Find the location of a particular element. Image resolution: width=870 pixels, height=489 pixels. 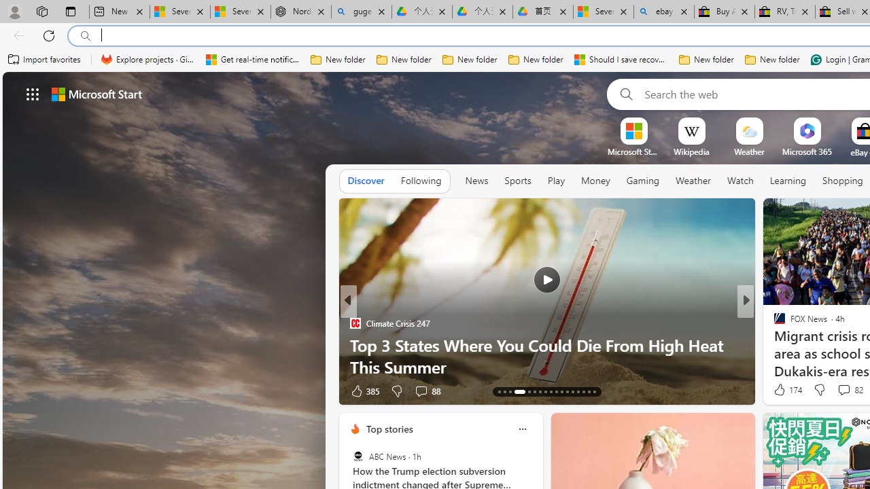

'View comments 82 Comment' is located at coordinates (848, 390).